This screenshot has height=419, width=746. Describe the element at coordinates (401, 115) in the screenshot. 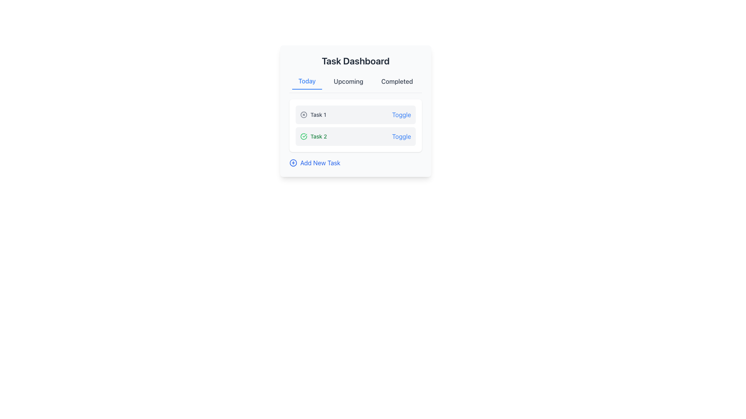

I see `the blue, underlined text link labeled 'Toggle' located in the upper-right corner of the light gray background box containing the subheader 'Task 1'` at that location.